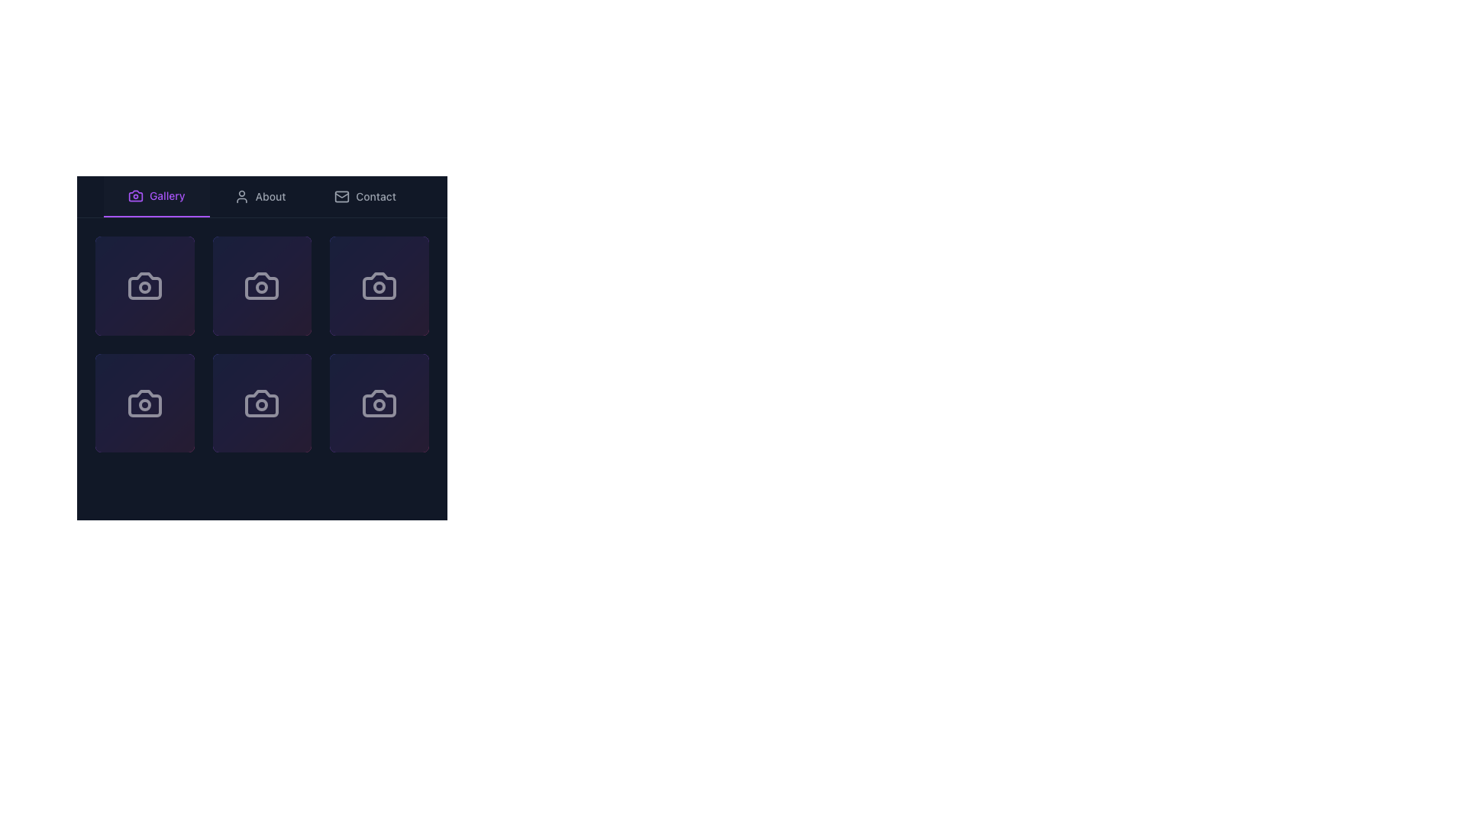  What do you see at coordinates (341, 196) in the screenshot?
I see `the envelope icon representing the 'Contact' functionality located in the navigation bar, preceding the text 'Contact'` at bounding box center [341, 196].